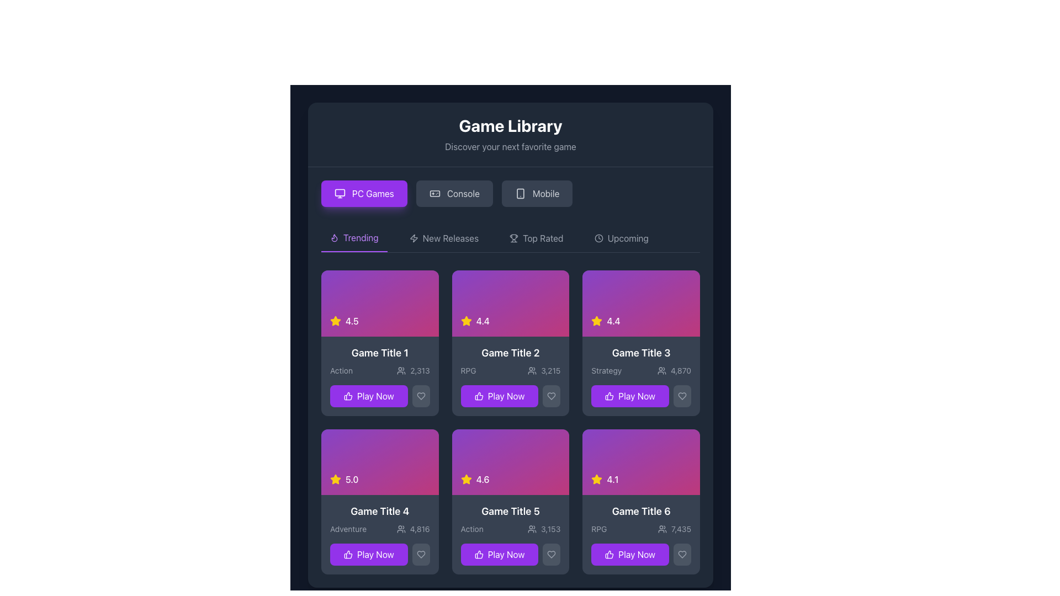 The width and height of the screenshot is (1060, 596). Describe the element at coordinates (641, 353) in the screenshot. I see `text label displaying 'Game Title 3' located in the third card of the 'Trending' section, positioned under the star rating icon` at that location.